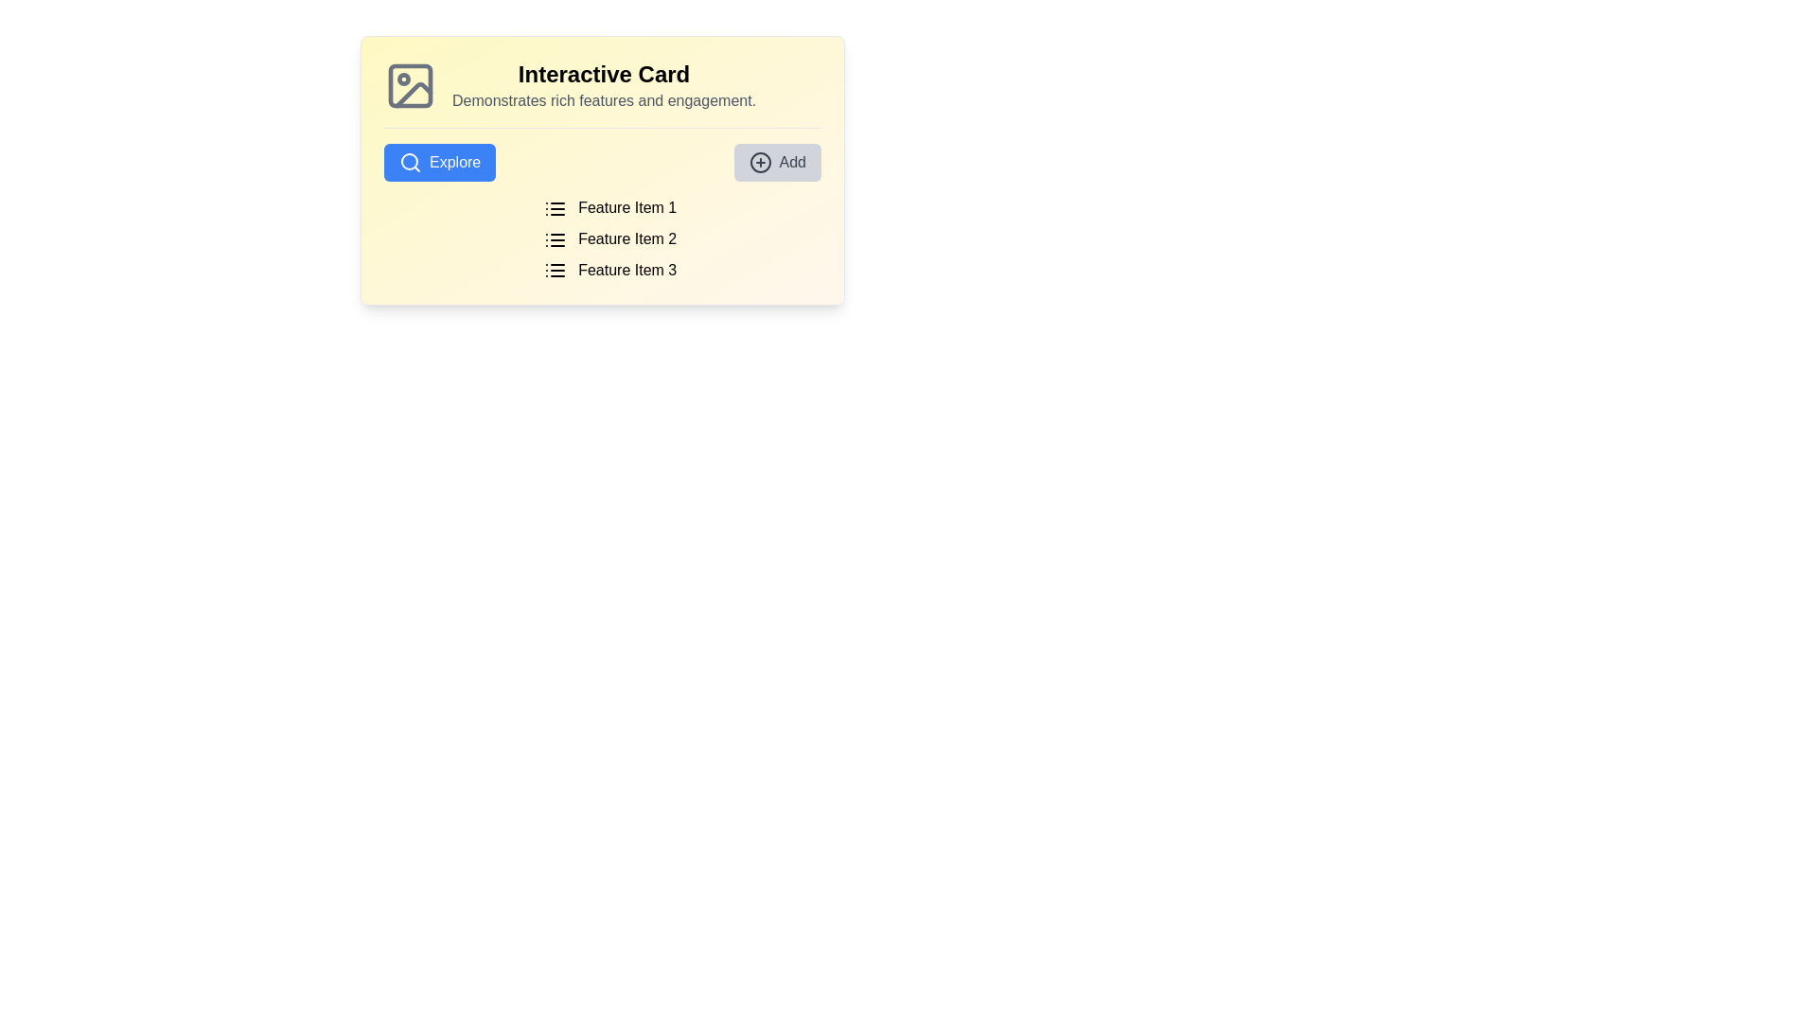  I want to click on the text block located at the top segment of the card structure, which is positioned to the right of an image icon and above buttons and a list, so click(602, 94).